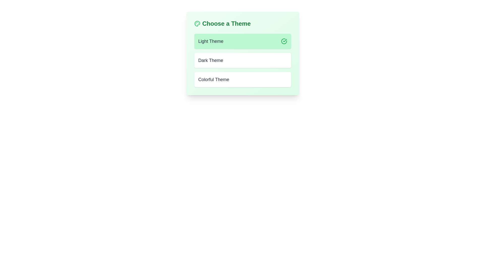  I want to click on the decorative SVG vector icon adjacent to the 'Choose a Theme' title in the upper-left corner of the interface, so click(197, 23).